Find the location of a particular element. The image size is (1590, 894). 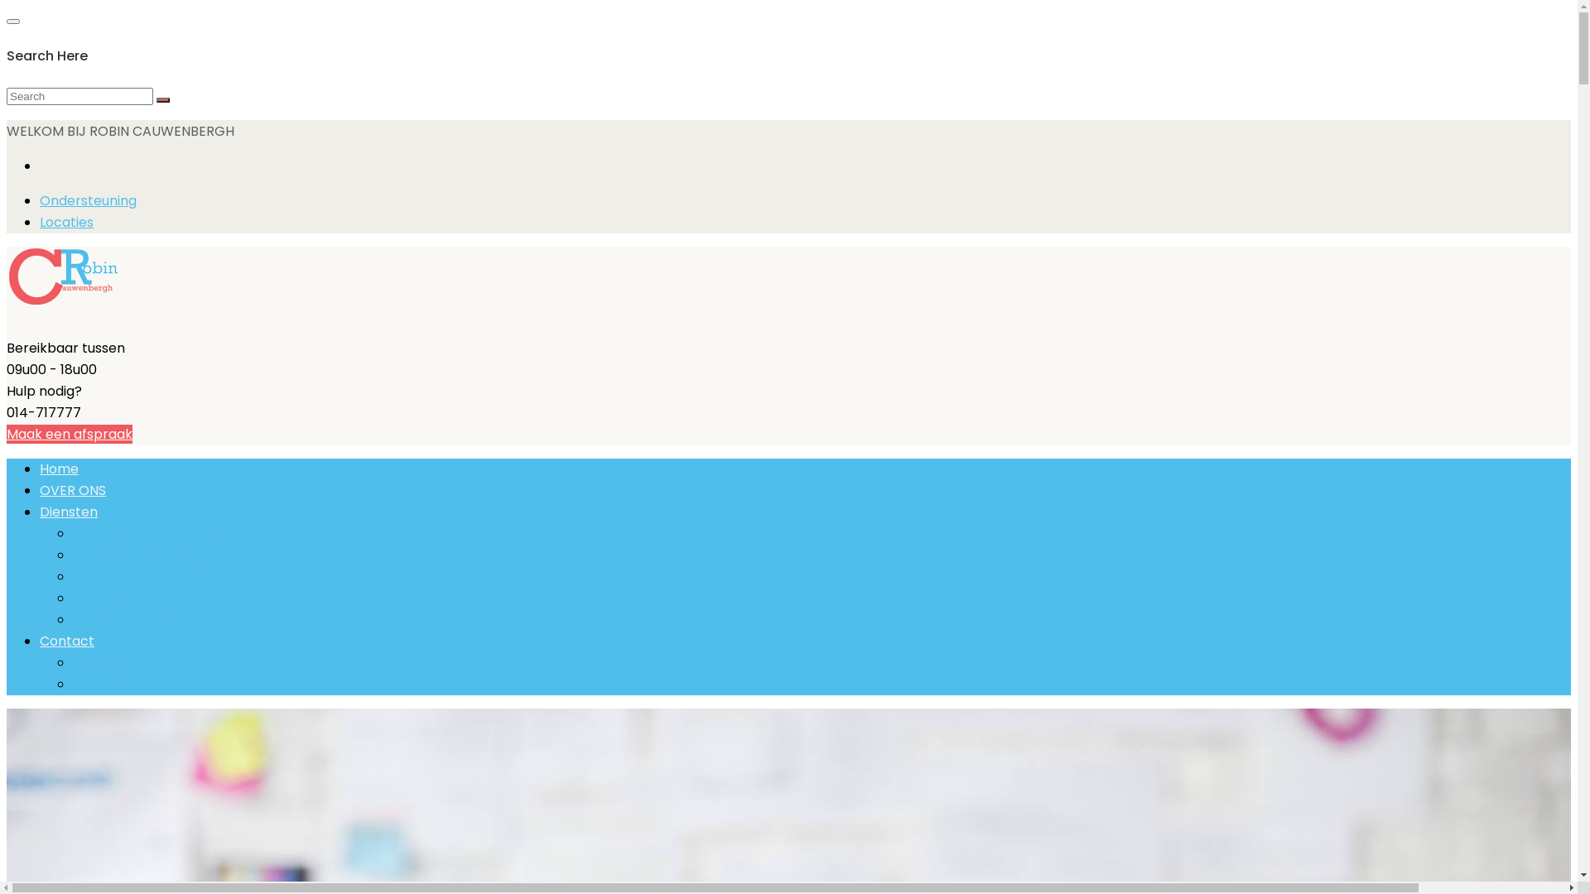

'PC & MAC Computers' is located at coordinates (71, 533).